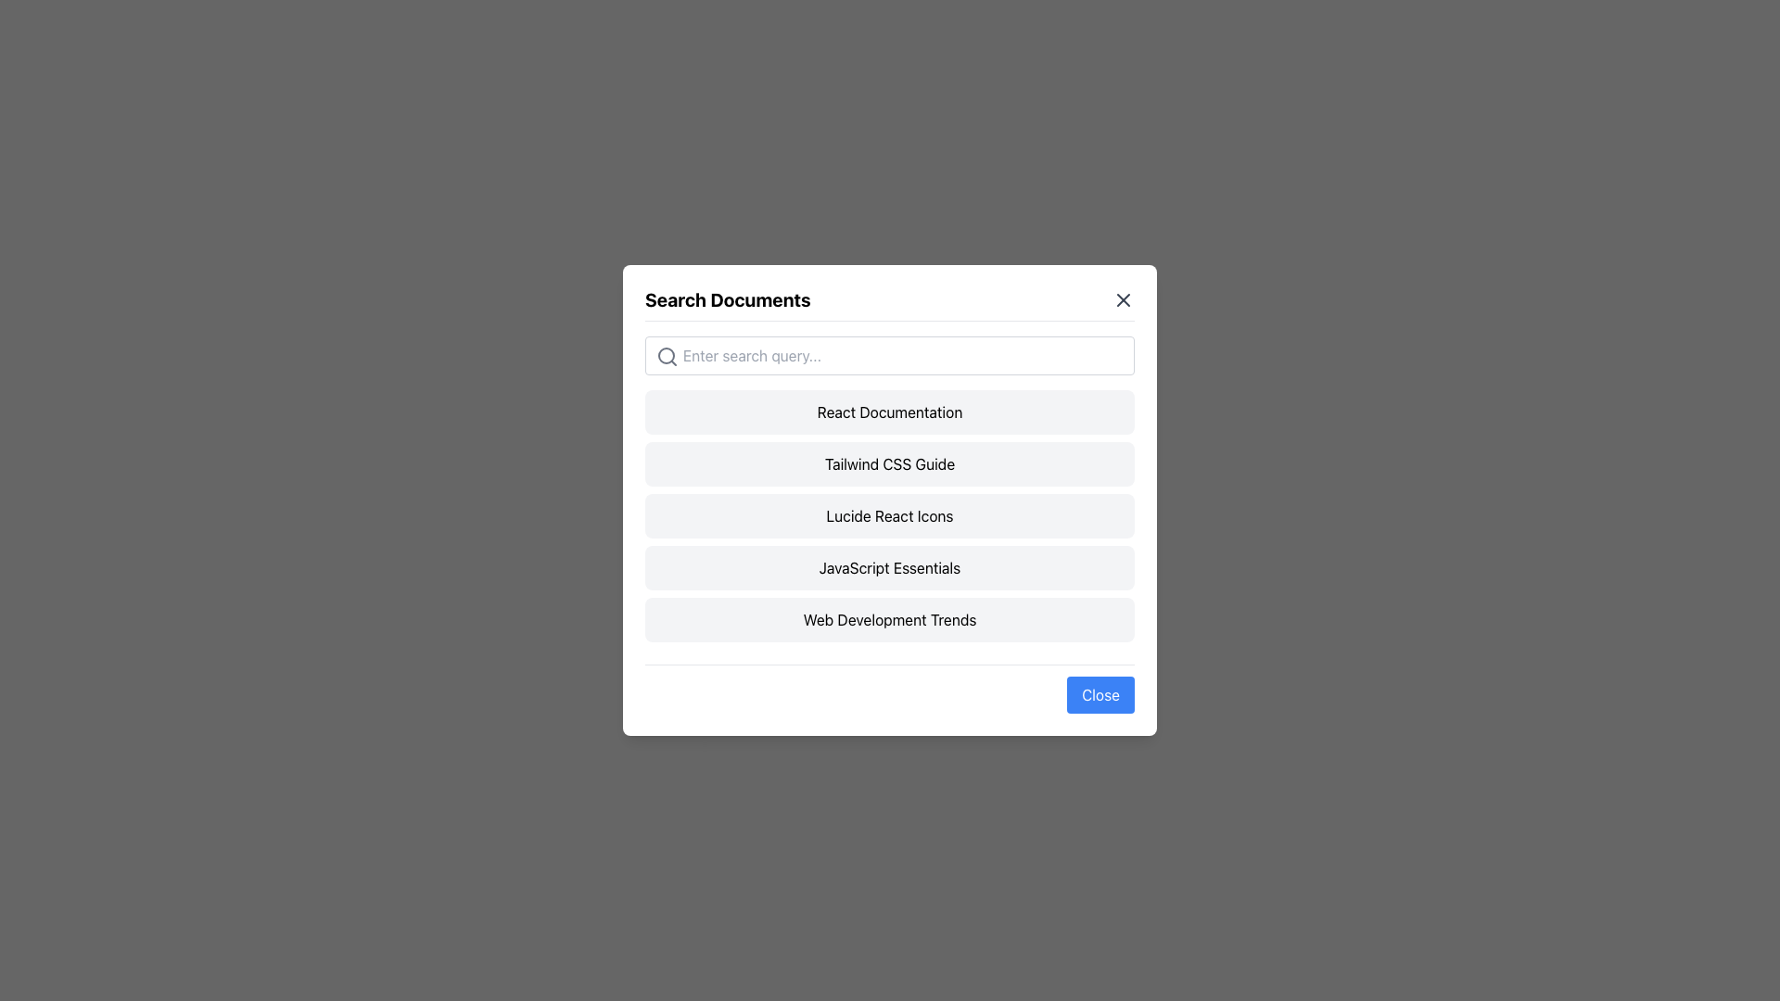  What do you see at coordinates (1122, 299) in the screenshot?
I see `the close button located at the top-right of the modal dialog next to the title 'Search Documents' to change its color` at bounding box center [1122, 299].